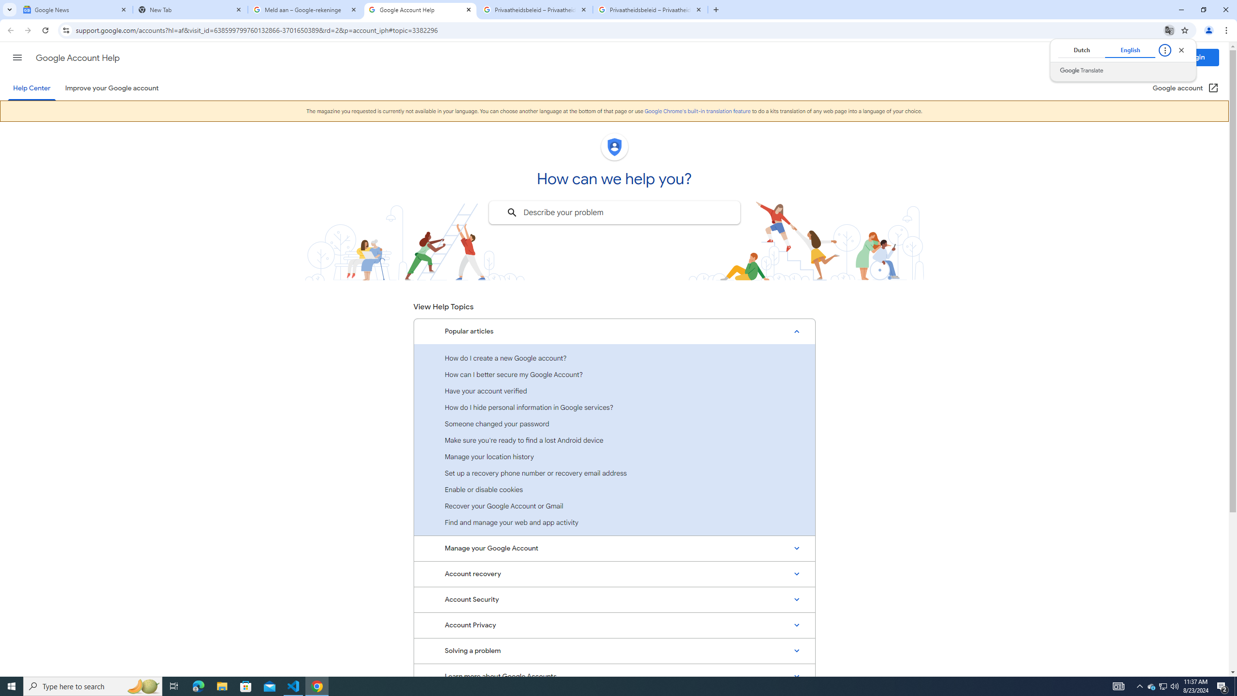  Describe the element at coordinates (614, 548) in the screenshot. I see `'Manage your Google Account'` at that location.